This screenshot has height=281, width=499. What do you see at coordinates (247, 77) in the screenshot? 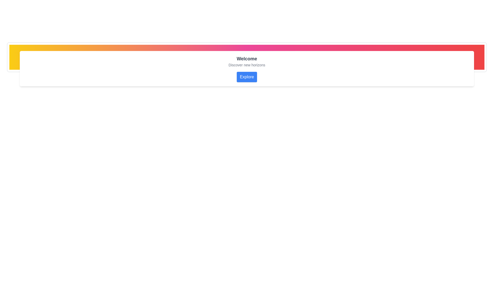
I see `the 'Explore' button, which has a rectangular shape with rounded corners, a blue background, and white text, located below the 'Discover new horizons' text` at bounding box center [247, 77].